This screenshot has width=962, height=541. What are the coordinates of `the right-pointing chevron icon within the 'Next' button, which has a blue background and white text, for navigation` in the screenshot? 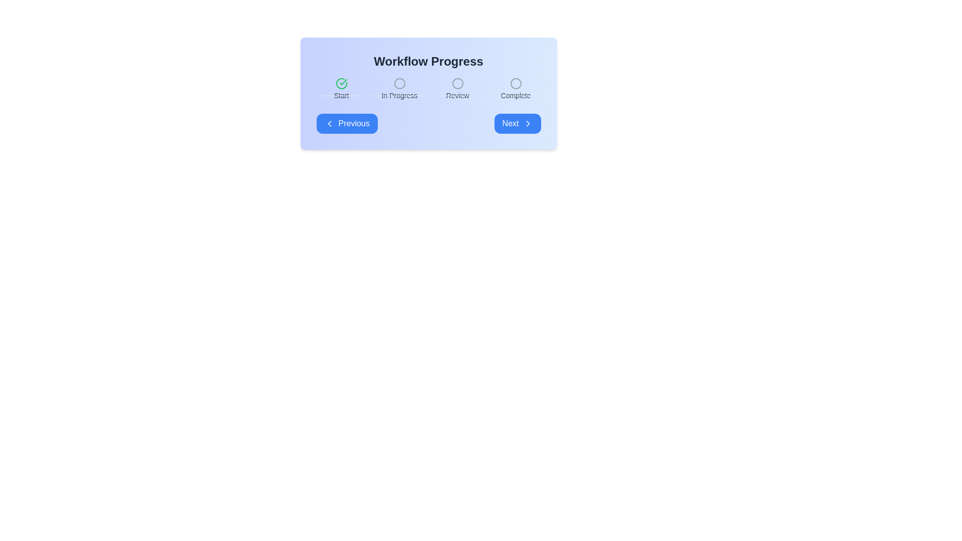 It's located at (527, 123).